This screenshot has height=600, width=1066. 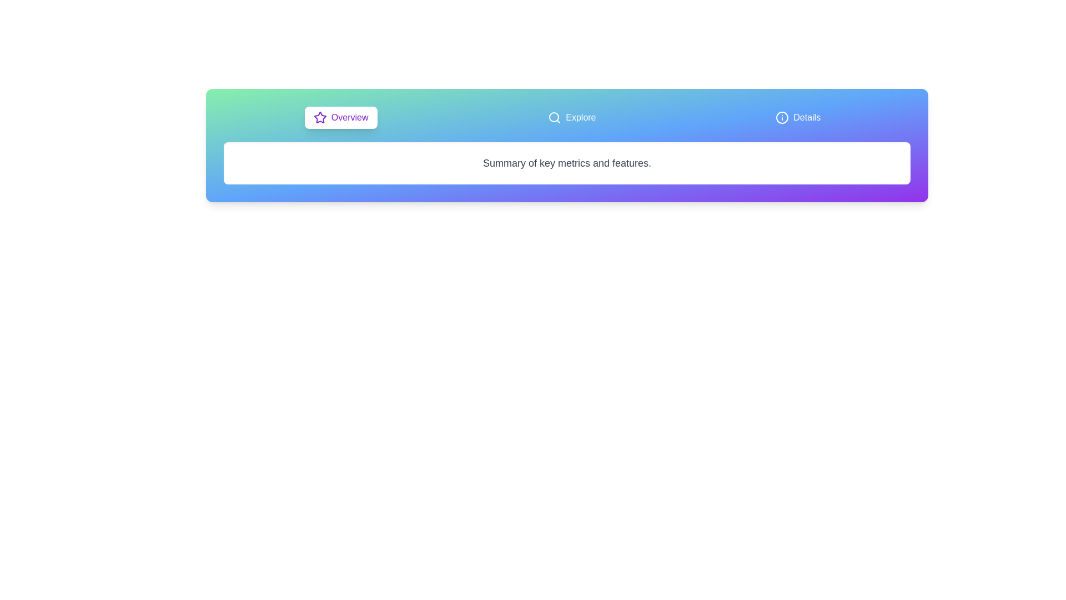 I want to click on the tab labeled 'Overview' to display its content, so click(x=340, y=118).